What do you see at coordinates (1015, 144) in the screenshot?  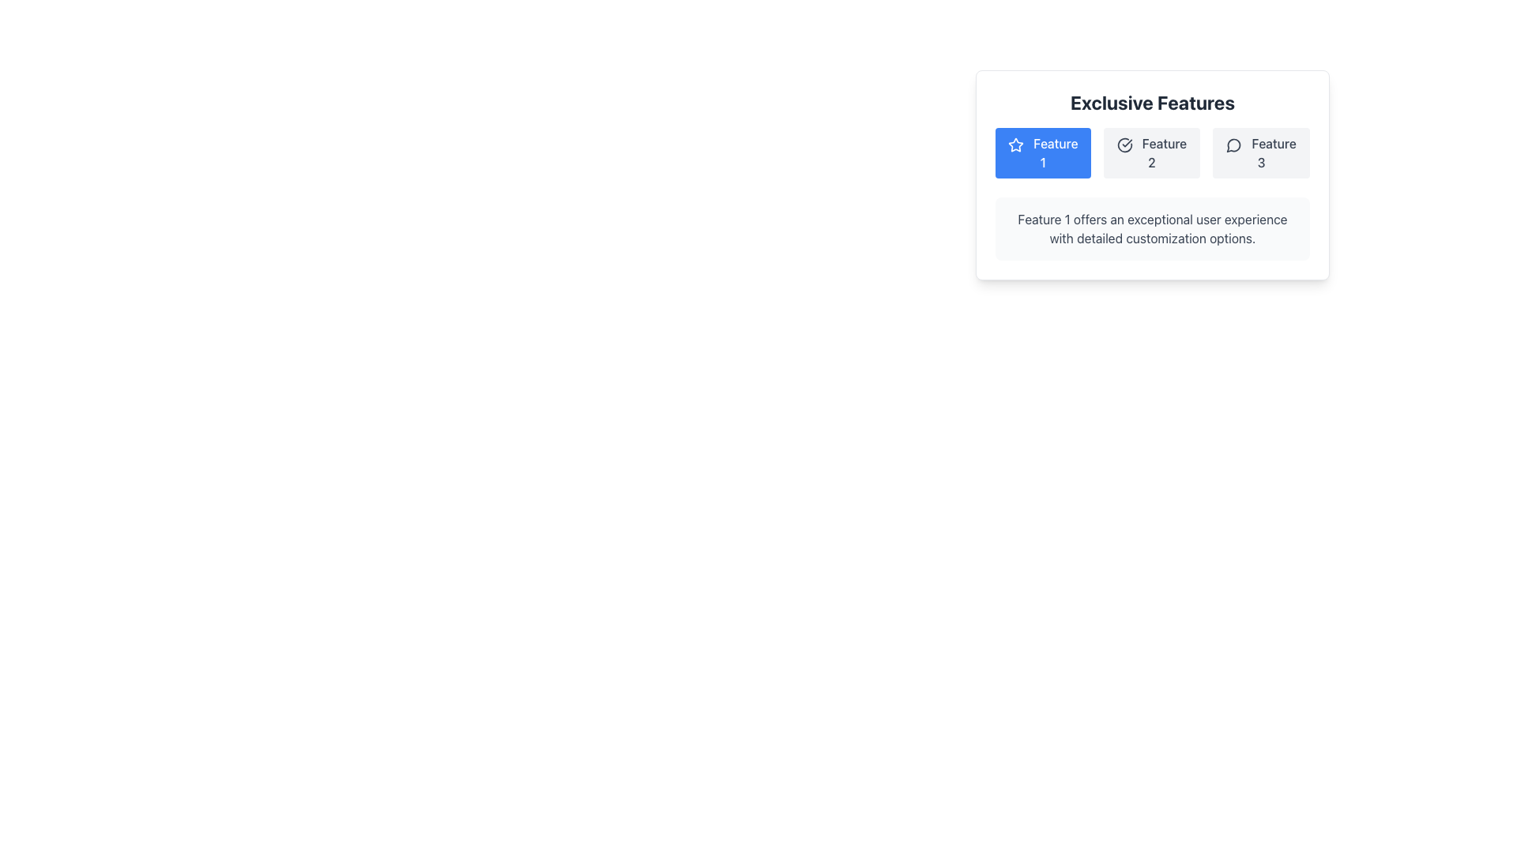 I see `the star icon located on the left side of the 'Feature 1' button, which is part of the 'Exclusive Features' section` at bounding box center [1015, 144].